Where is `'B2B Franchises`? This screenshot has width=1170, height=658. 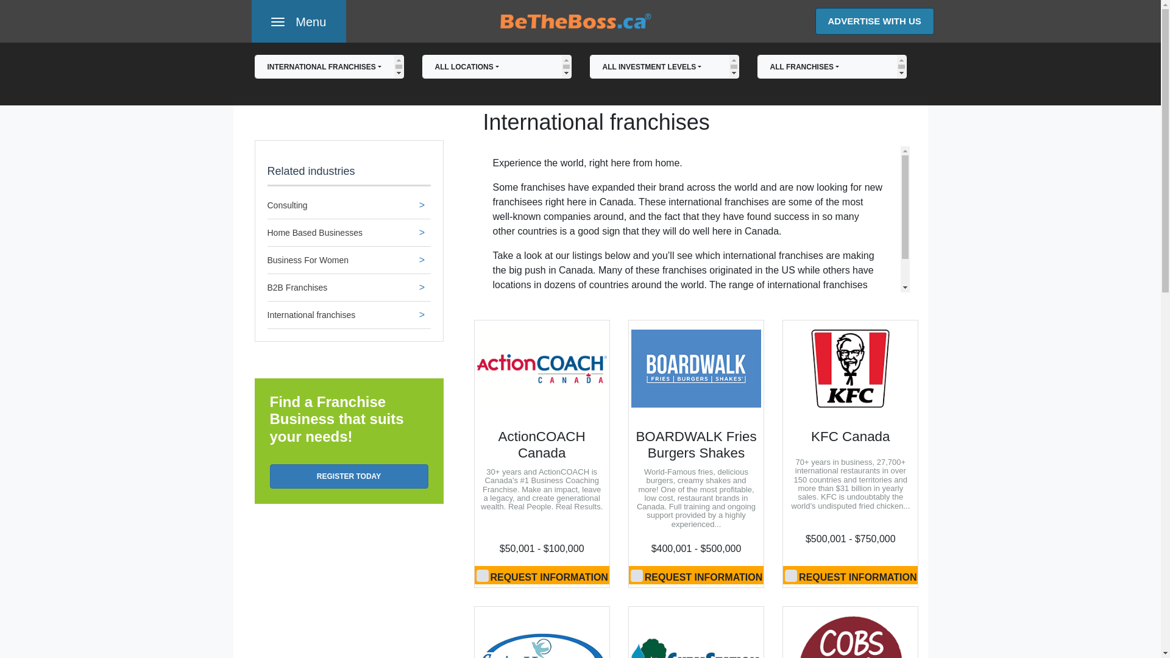
'B2B Franchises is located at coordinates (347, 291).